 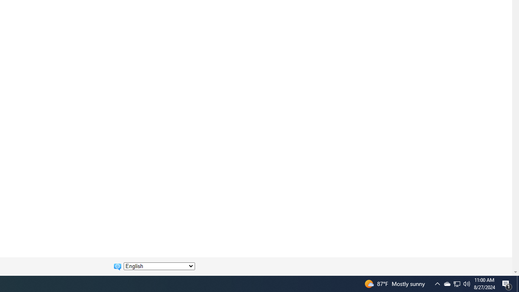 I want to click on 'Change language:', so click(x=159, y=266).